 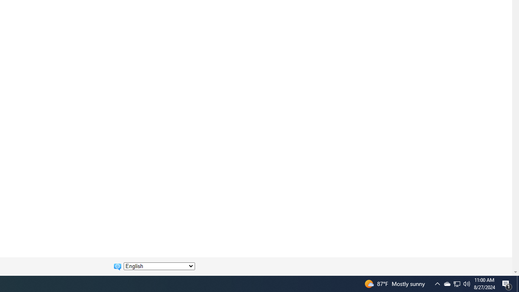 I want to click on 'Change language:', so click(x=159, y=266).